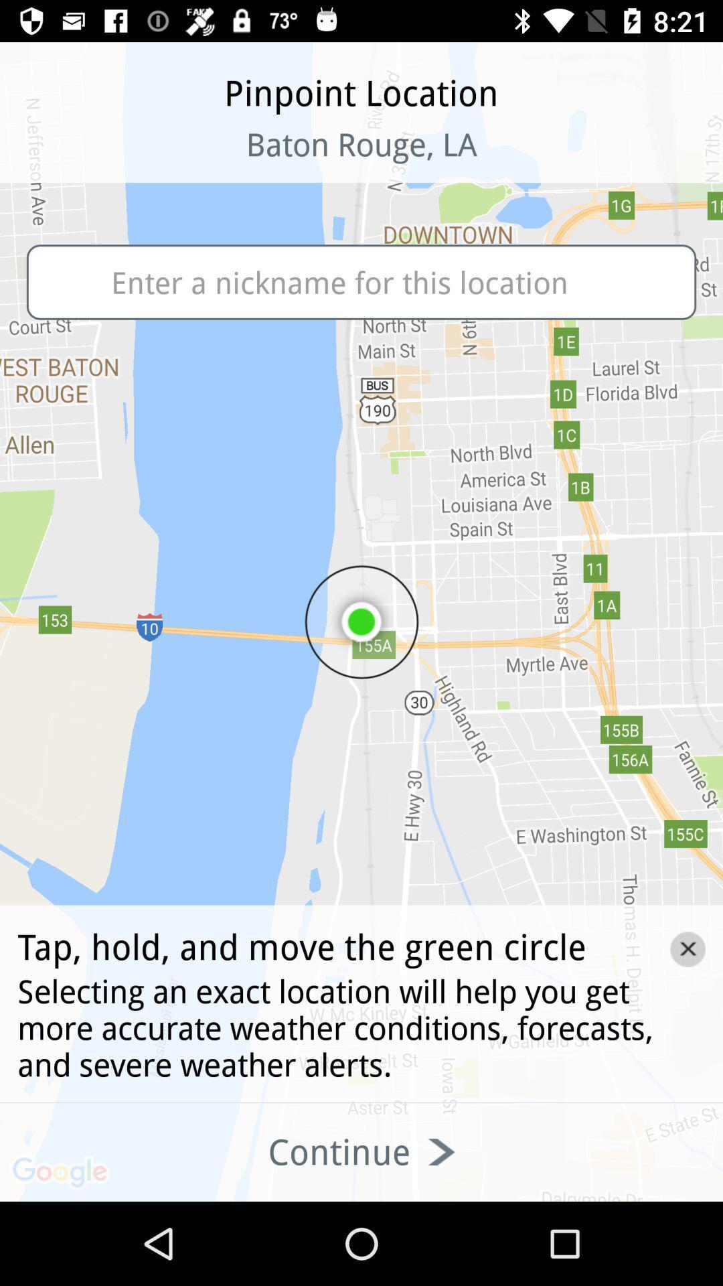  Describe the element at coordinates (88, 161) in the screenshot. I see `the more icon` at that location.